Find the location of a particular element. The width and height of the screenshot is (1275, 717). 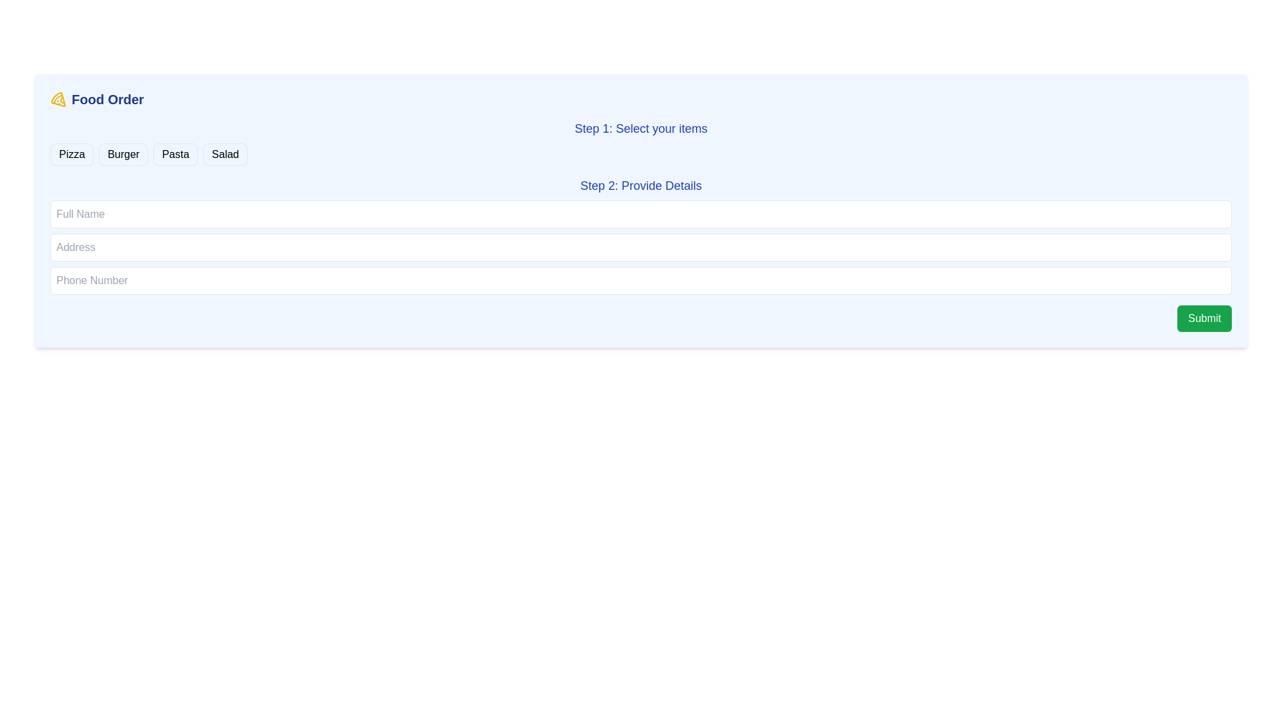

the 'Salad' button, which is a rounded rectangle with a white background located centrally at the top of the form area below the 'Food Order' title is located at coordinates (225, 153).